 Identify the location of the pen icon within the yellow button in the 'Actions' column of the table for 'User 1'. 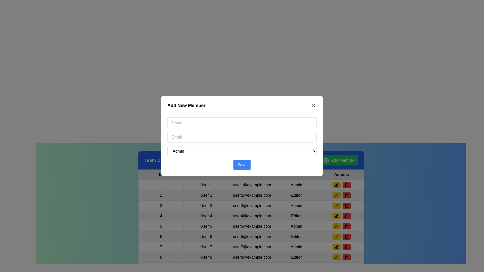
(336, 185).